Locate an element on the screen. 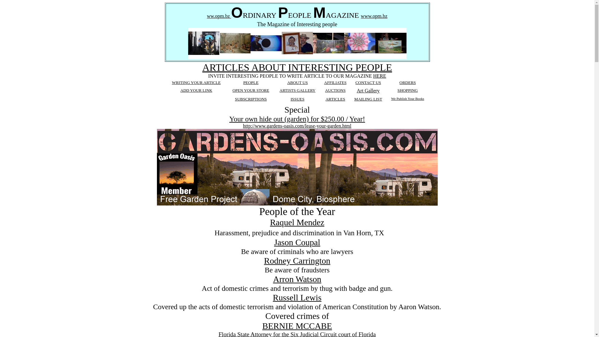  'ORDERS' is located at coordinates (399, 82).